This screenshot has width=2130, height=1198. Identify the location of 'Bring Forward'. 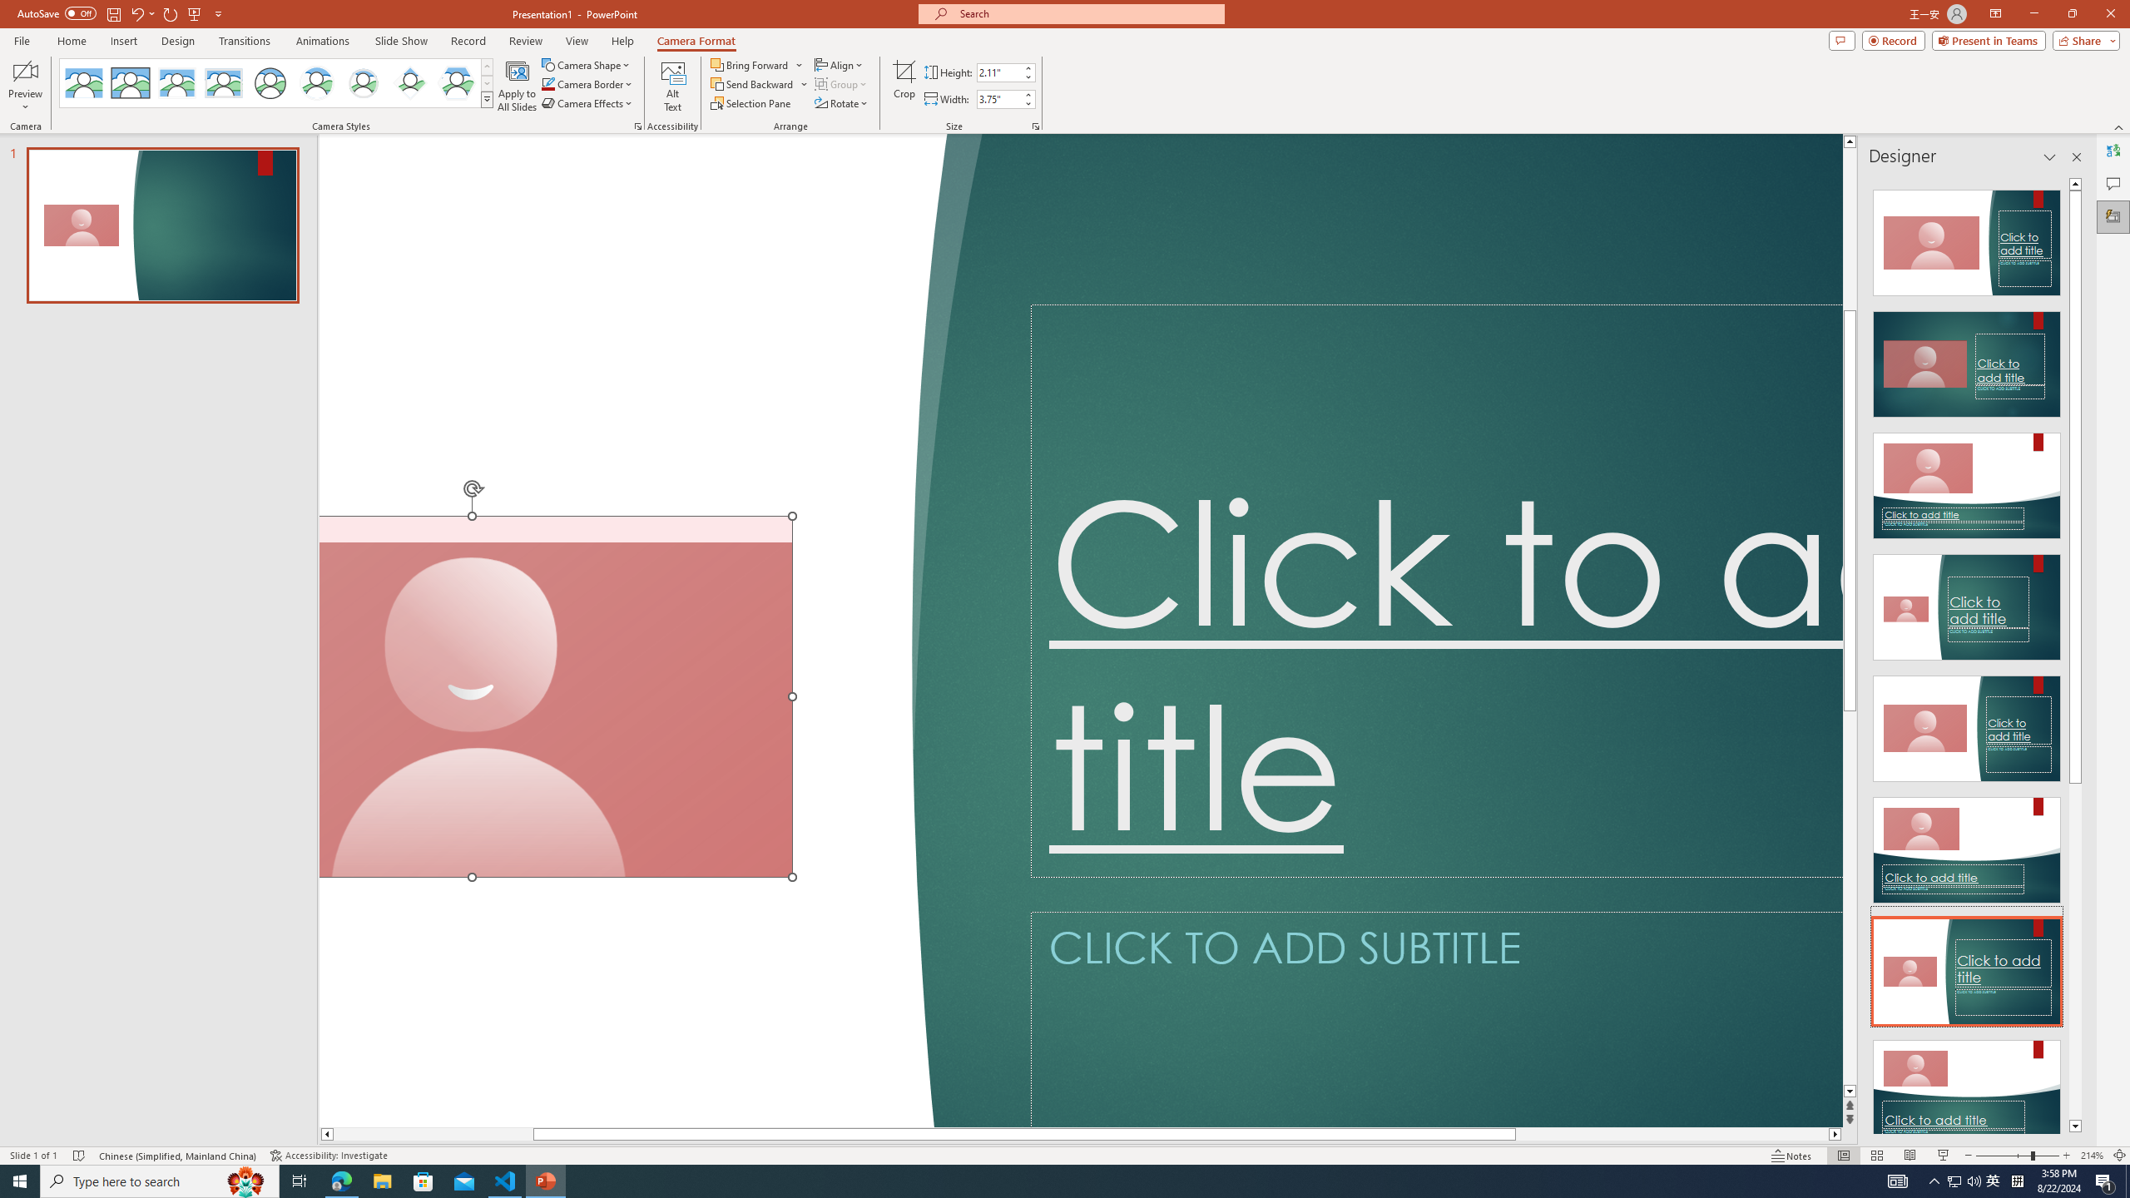
(756, 64).